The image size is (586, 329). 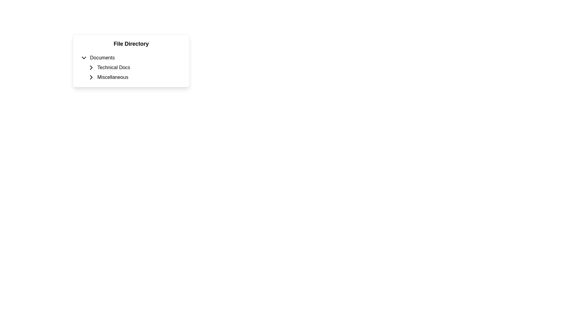 I want to click on the 'Technical Docs' text label in the left panel under the 'Documents' hierarchy, which is visually centered and located between the chevron icon and other sibling items, so click(x=114, y=68).